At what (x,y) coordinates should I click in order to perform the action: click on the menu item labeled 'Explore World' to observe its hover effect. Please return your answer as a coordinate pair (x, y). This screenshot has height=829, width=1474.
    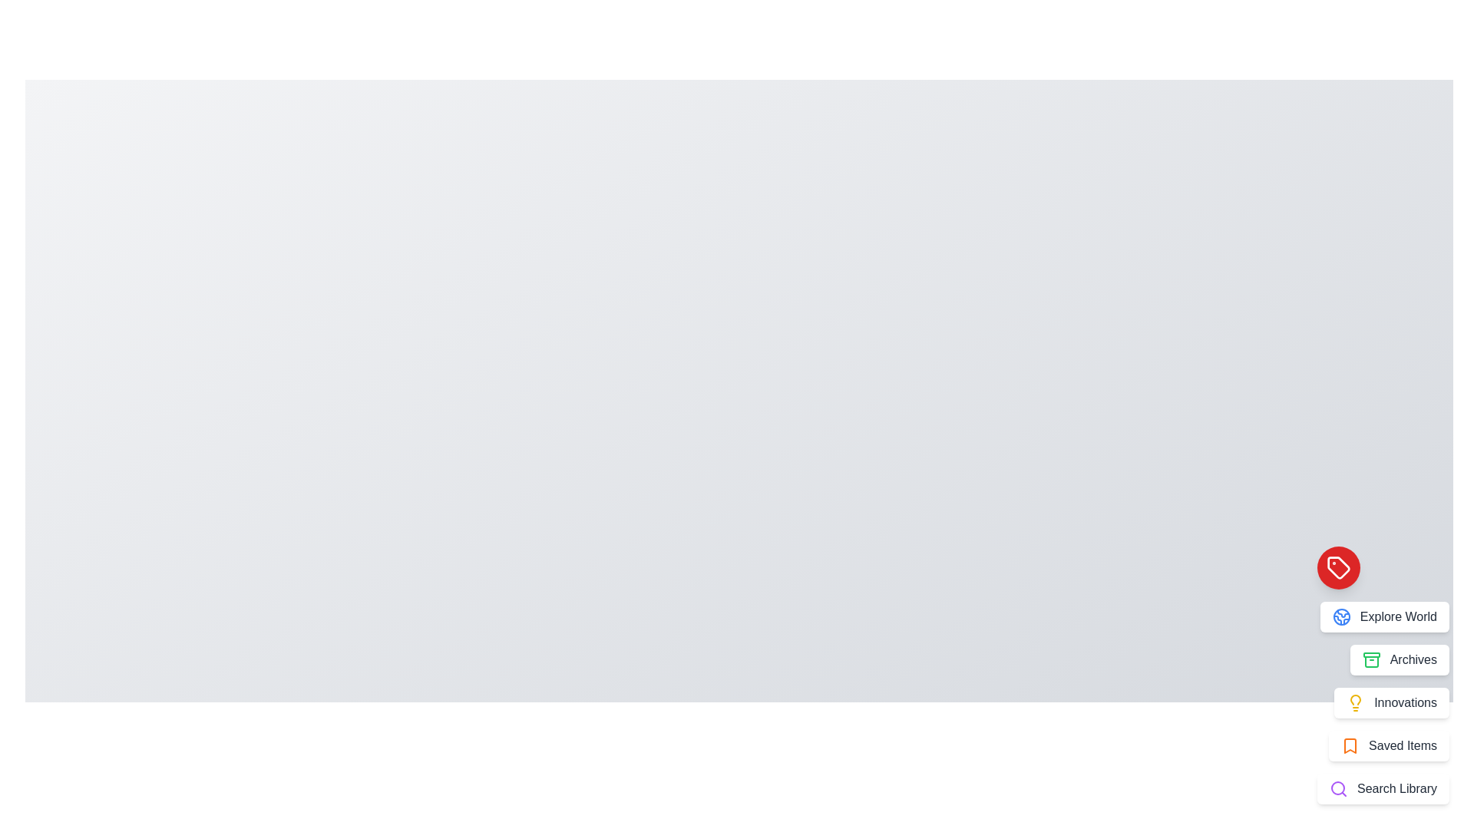
    Looking at the image, I should click on (1384, 616).